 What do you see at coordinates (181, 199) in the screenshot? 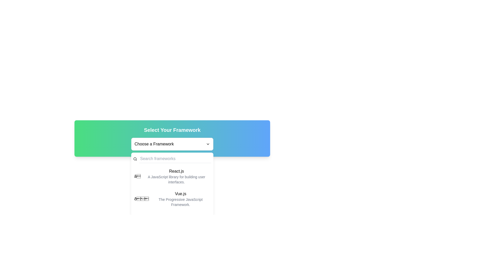
I see `the second entry in the dropdown menu labeled 'Select Your Framework', which displays 'Vue.js' in bold and 'The Progressive JavaScript Framework.' in a smaller, lighter gray font beneath it` at bounding box center [181, 199].